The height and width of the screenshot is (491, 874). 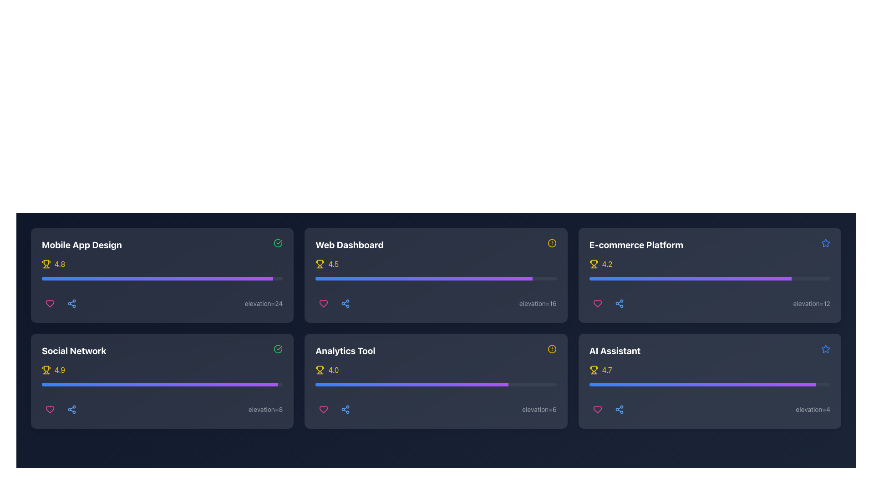 What do you see at coordinates (345, 350) in the screenshot?
I see `the text label that serves as the title of the analytics card located in the second row and third card from the left` at bounding box center [345, 350].